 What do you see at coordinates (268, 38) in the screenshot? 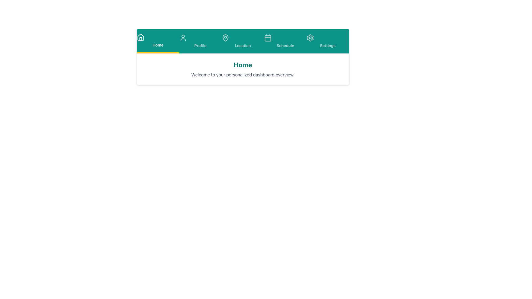
I see `the calendar icon in the navigation bar` at bounding box center [268, 38].